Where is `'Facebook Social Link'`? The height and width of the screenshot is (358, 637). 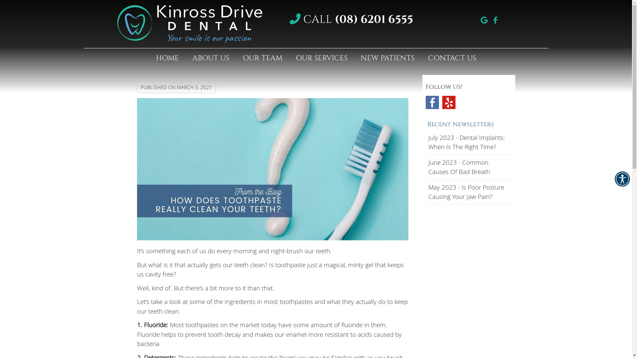
'Facebook Social Link' is located at coordinates (425, 102).